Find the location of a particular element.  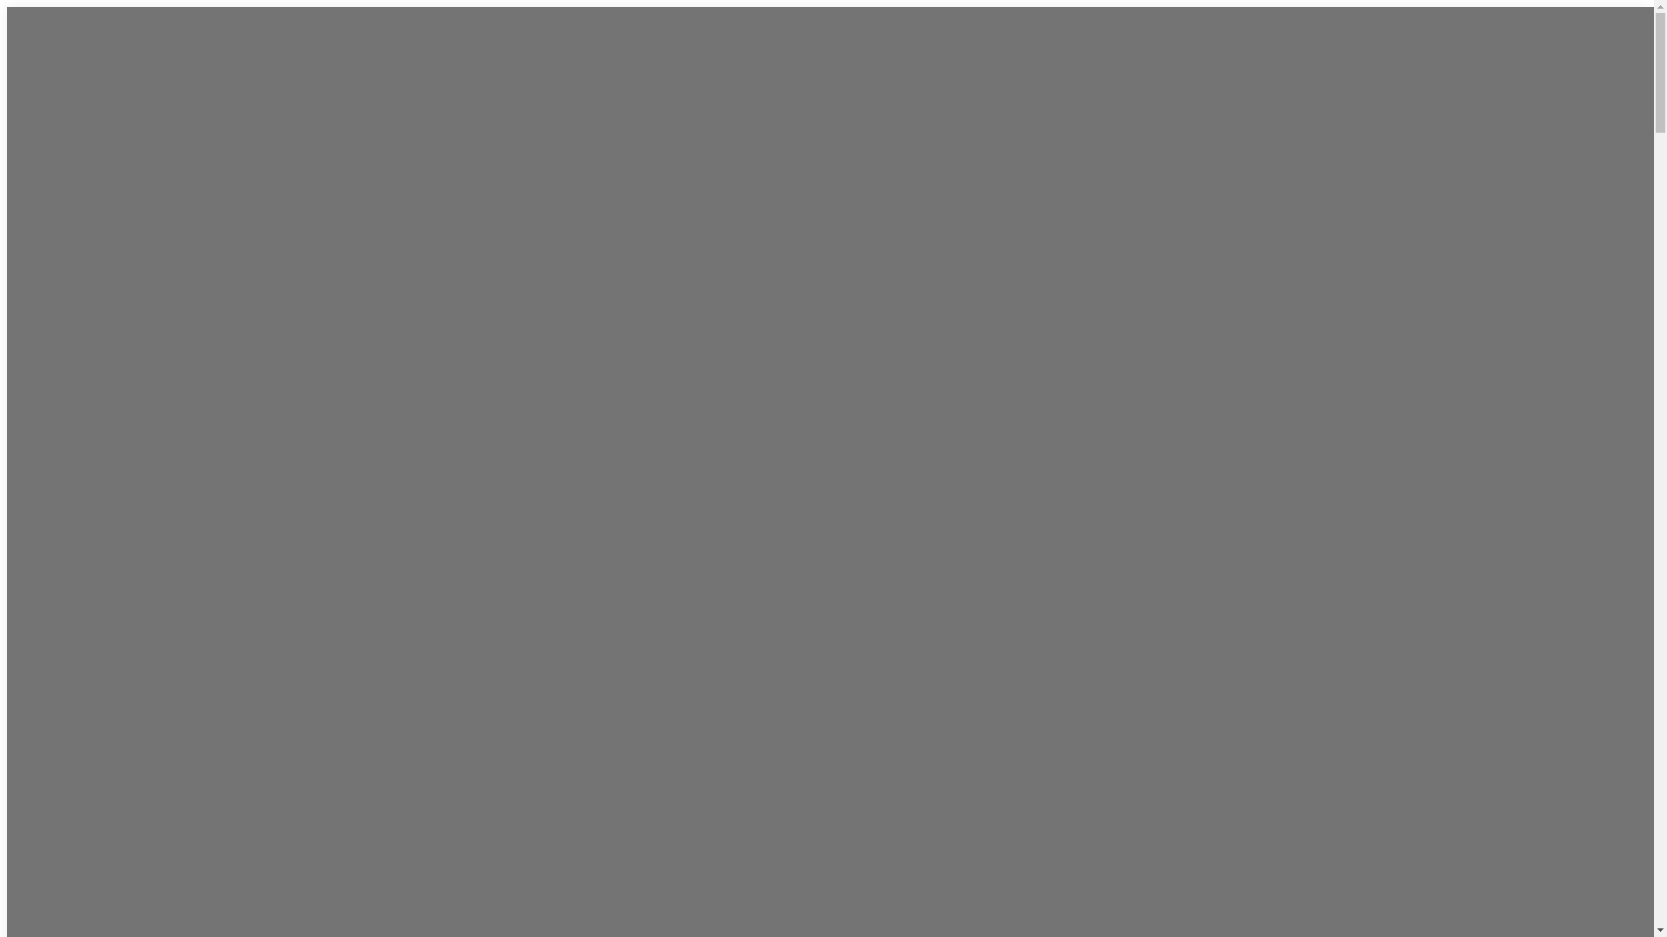

'Gavin Shapiro' is located at coordinates (767, 421).